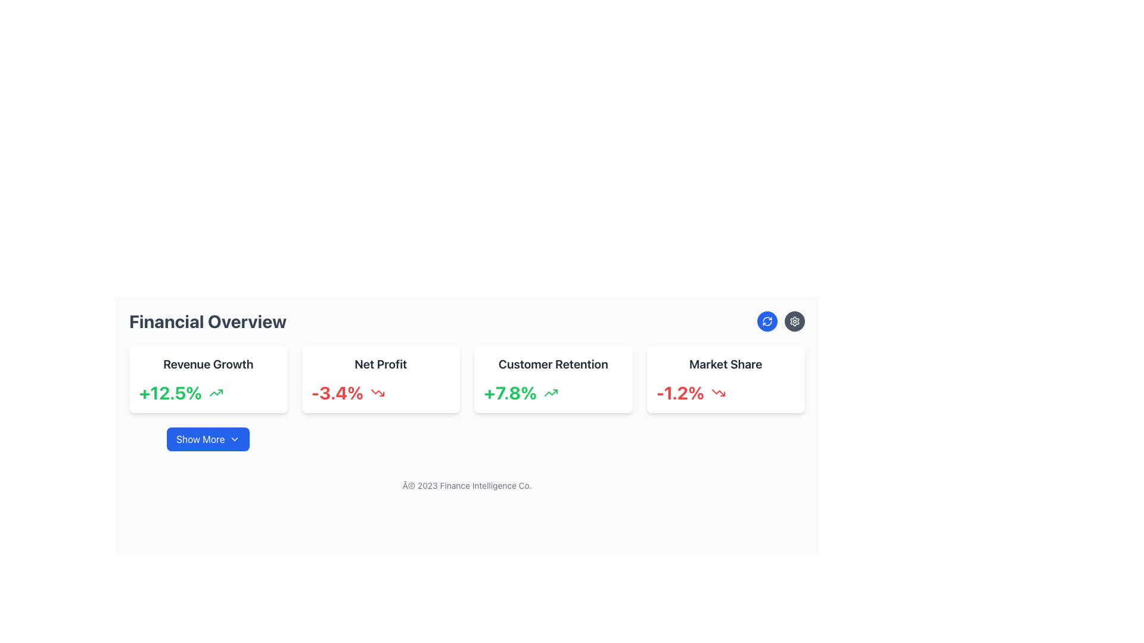 Image resolution: width=1144 pixels, height=643 pixels. I want to click on the prominent header labeled 'Financial Overview' located at the top left of the main content area, so click(208, 321).